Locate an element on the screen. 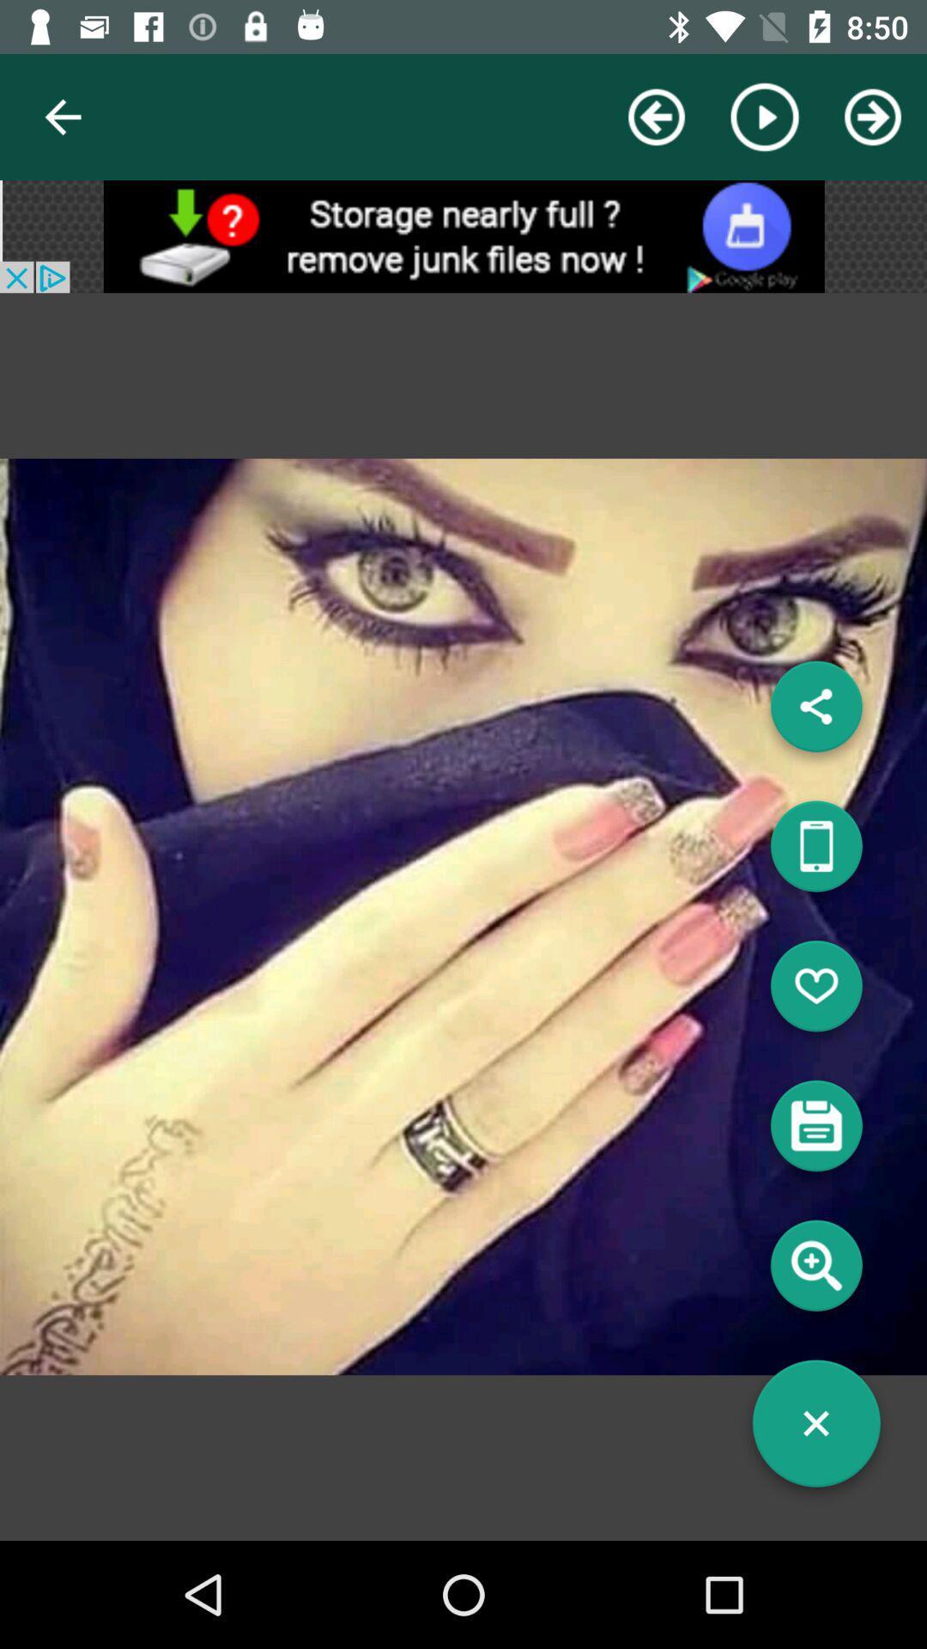 This screenshot has height=1649, width=927. open advertisement is located at coordinates (463, 235).